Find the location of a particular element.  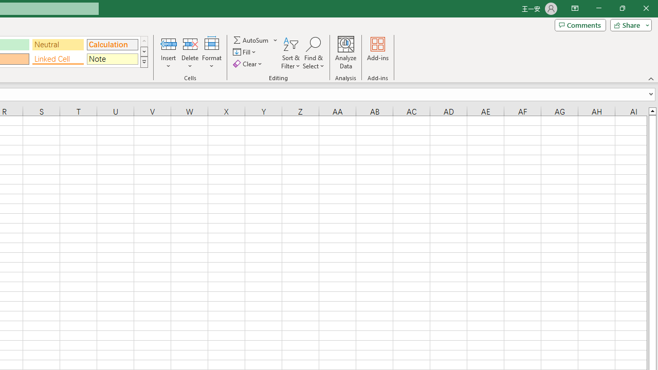

'Linked Cell' is located at coordinates (58, 59).